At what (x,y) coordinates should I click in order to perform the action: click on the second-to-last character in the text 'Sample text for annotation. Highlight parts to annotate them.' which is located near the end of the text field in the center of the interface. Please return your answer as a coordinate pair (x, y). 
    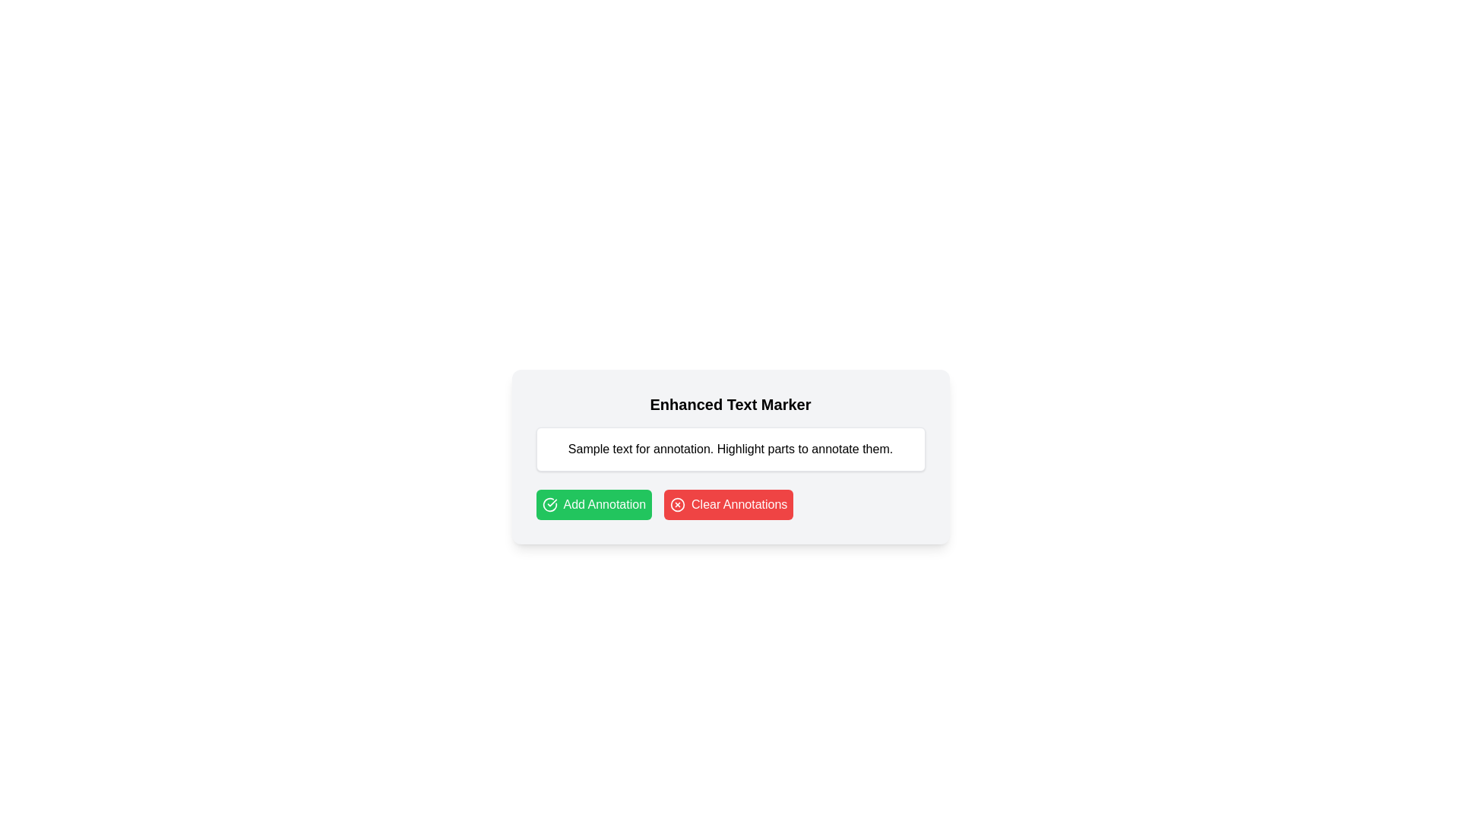
    Looking at the image, I should click on (850, 448).